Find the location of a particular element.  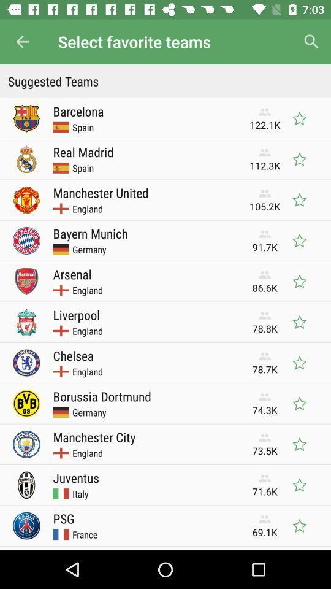

icon next to select favorite teams icon is located at coordinates (311, 42).